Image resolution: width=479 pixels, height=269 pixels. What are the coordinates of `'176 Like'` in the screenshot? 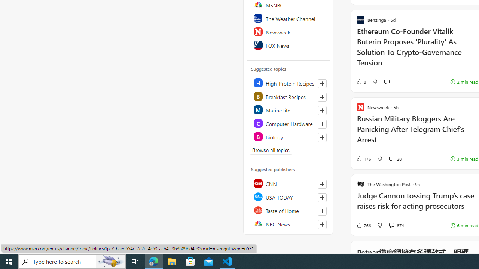 It's located at (363, 158).